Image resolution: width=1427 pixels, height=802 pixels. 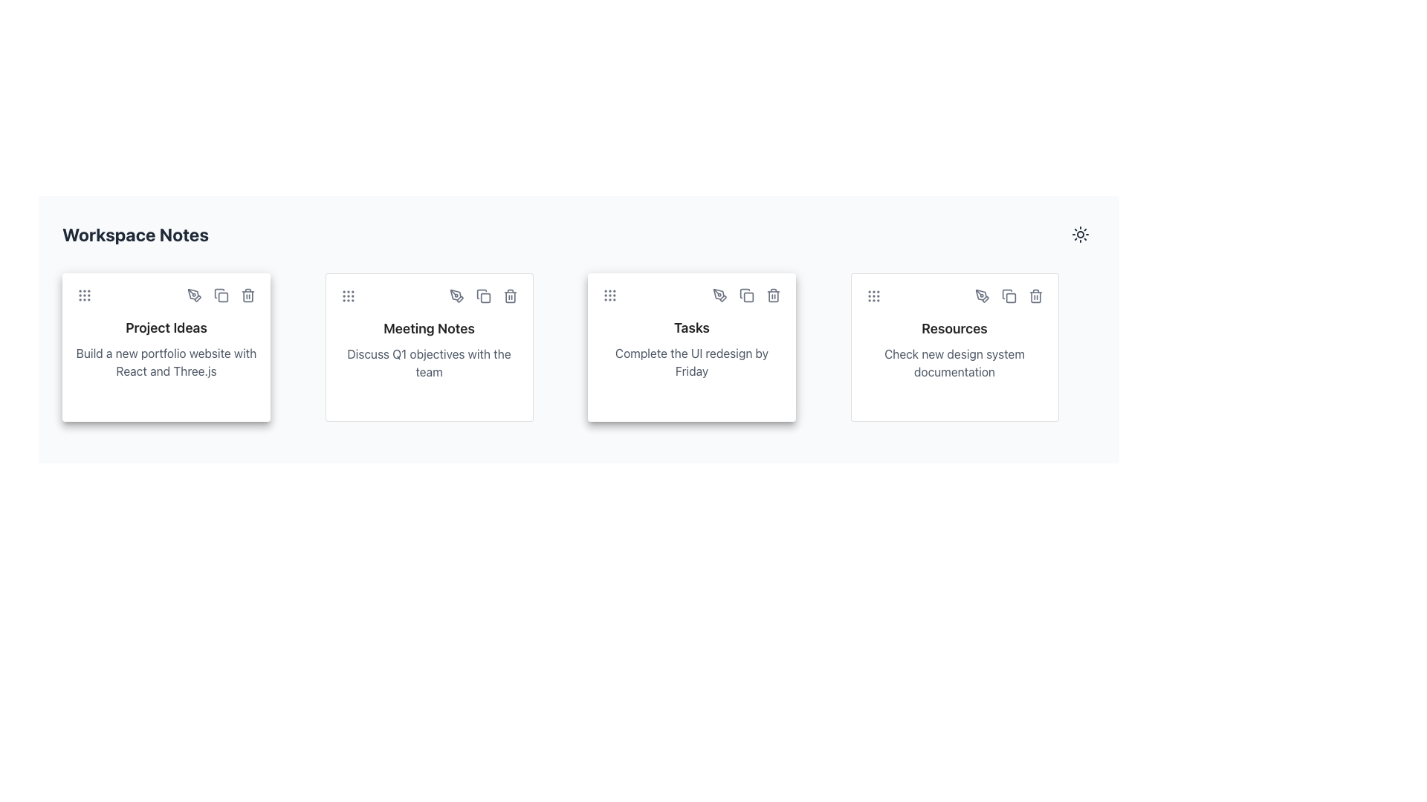 I want to click on the label titled 'Project Ideas' located at the upper part of the leftmost card among a set of horizontally arranged cards, so click(x=166, y=327).